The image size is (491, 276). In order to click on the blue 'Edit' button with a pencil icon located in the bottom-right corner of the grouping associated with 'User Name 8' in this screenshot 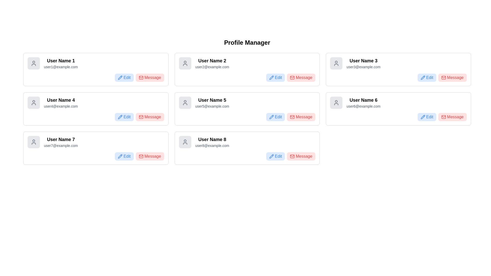, I will do `click(275, 156)`.